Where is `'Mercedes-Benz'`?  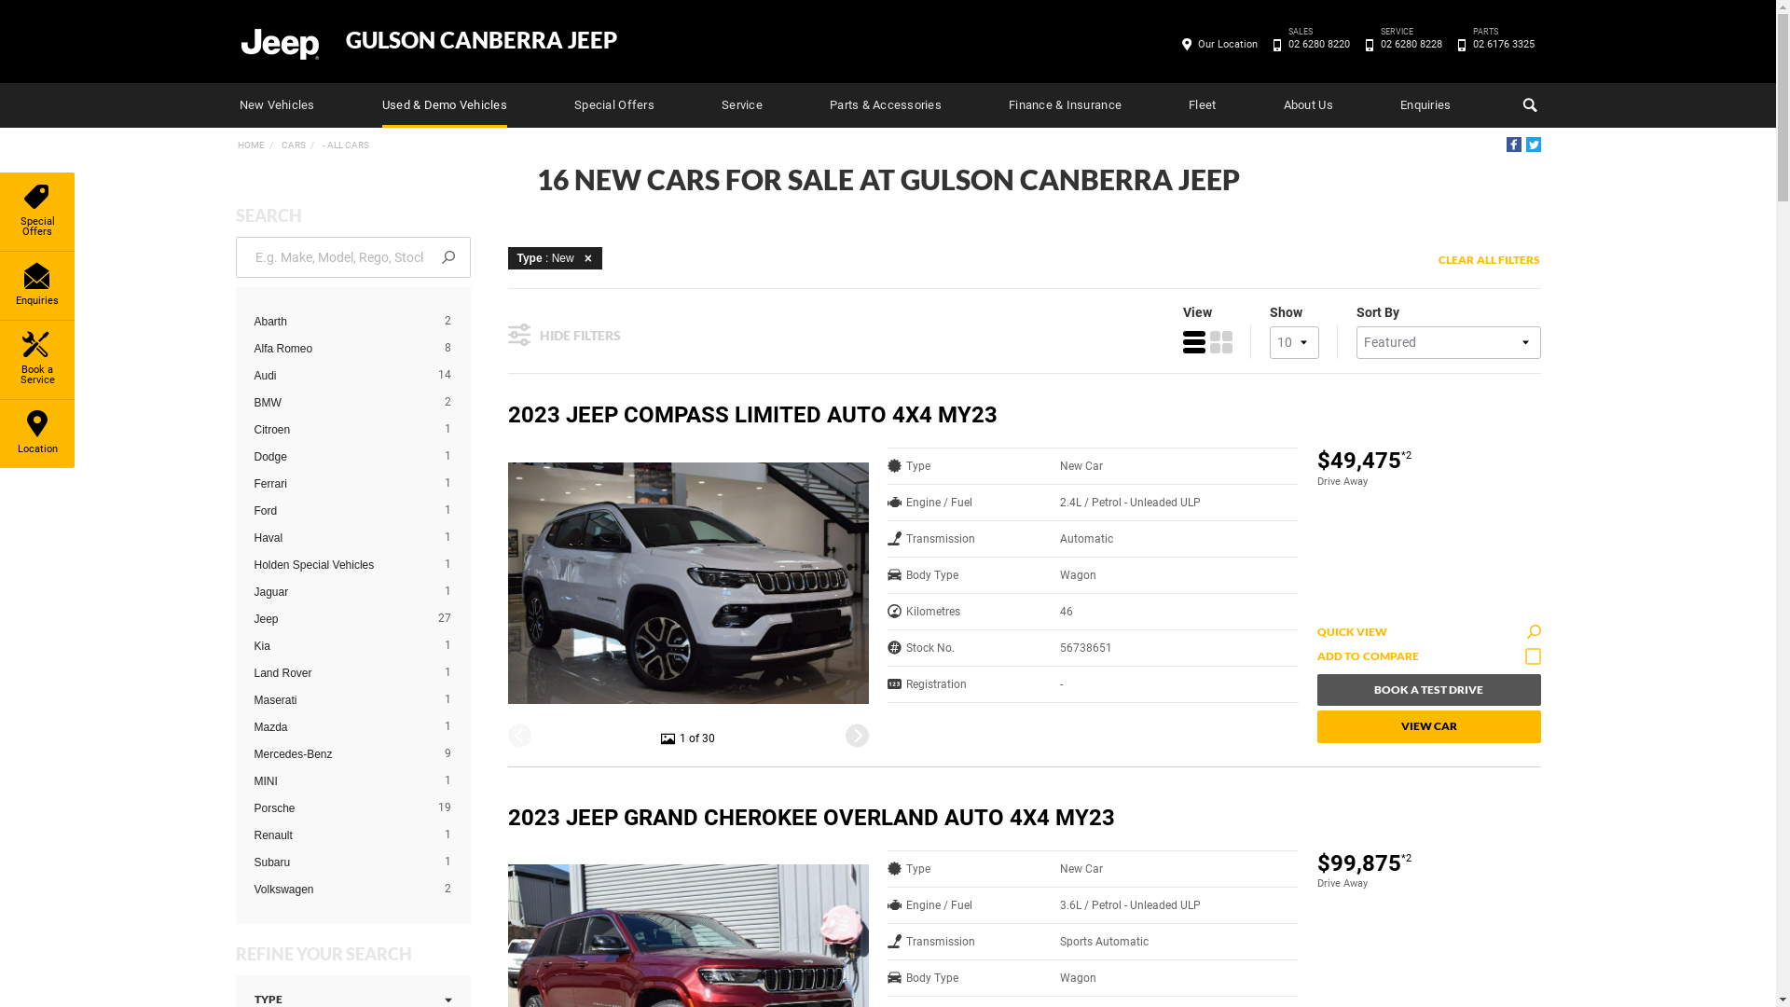
'Mercedes-Benz' is located at coordinates (338, 753).